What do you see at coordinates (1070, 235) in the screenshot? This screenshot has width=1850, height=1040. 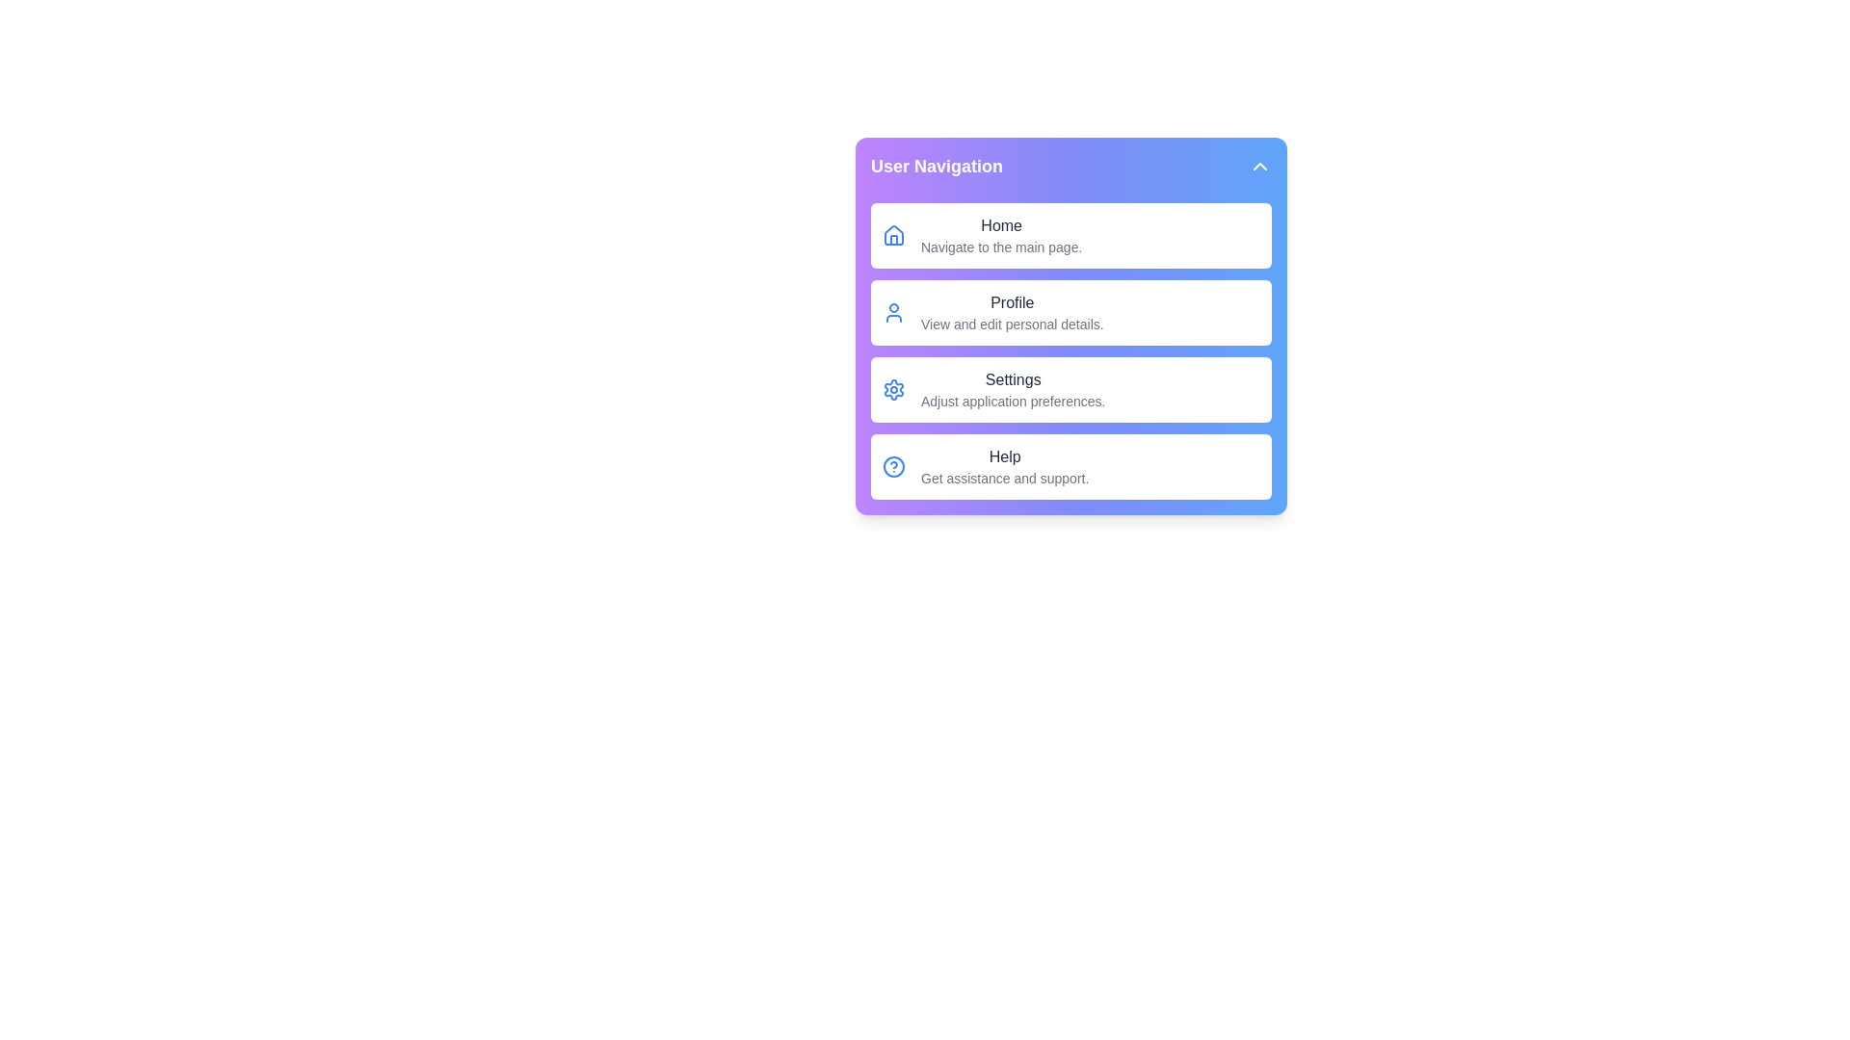 I see `the menu item Home from the dropdown menu` at bounding box center [1070, 235].